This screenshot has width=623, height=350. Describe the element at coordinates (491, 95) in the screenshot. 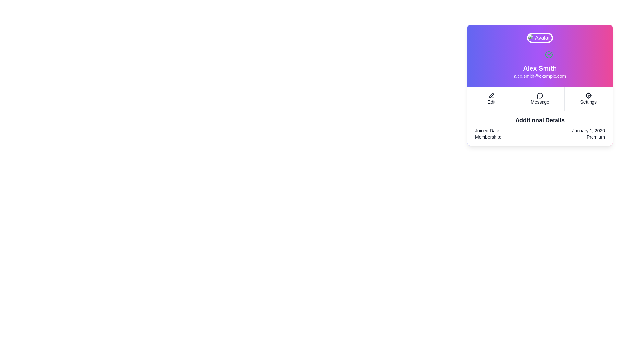

I see `the stylized pen icon in the 'Edit' option of the interface` at that location.